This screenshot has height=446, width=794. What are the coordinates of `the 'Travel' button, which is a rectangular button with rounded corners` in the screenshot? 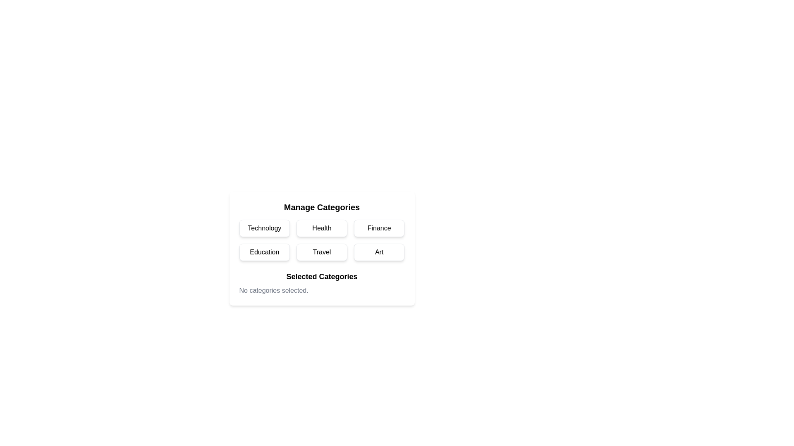 It's located at (321, 248).